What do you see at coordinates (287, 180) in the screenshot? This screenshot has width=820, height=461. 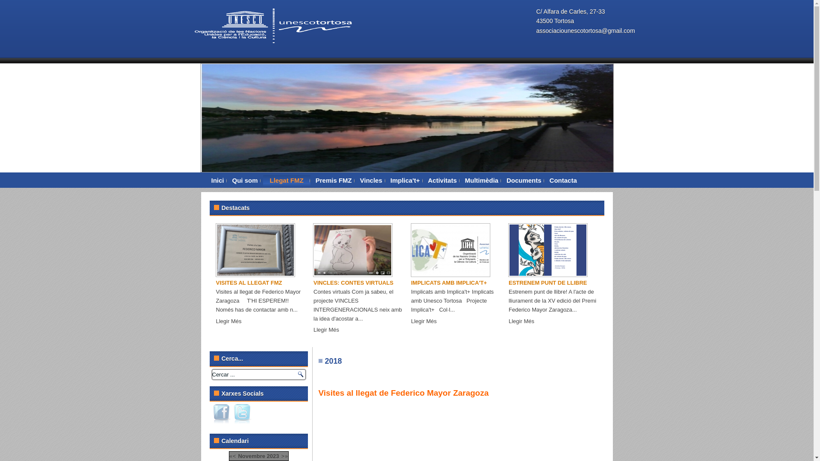 I see `'Llegat FMZ'` at bounding box center [287, 180].